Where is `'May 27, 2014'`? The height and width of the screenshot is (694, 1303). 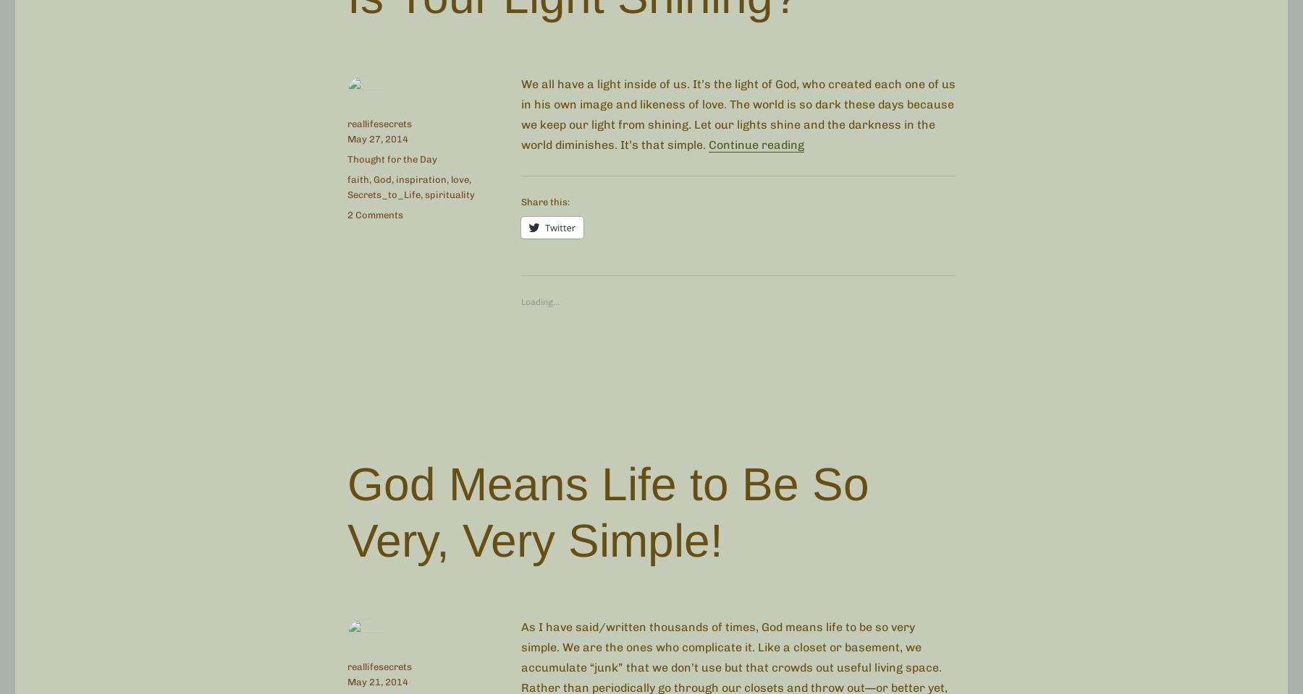
'May 27, 2014' is located at coordinates (347, 138).